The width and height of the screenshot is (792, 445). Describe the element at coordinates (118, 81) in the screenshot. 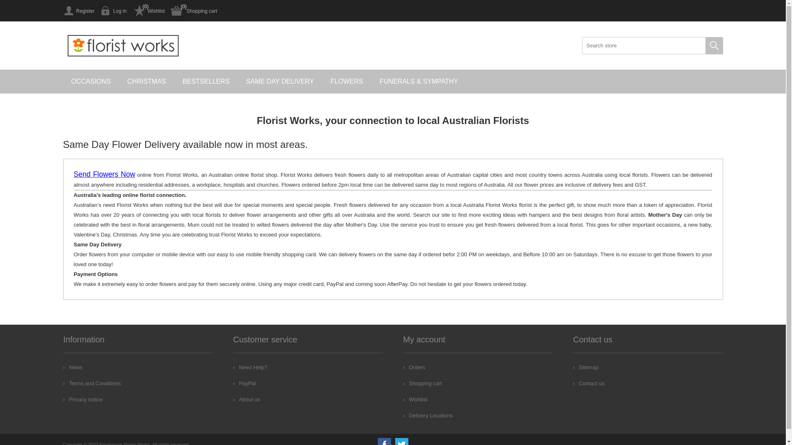

I see `'CHRISTMAS'` at that location.